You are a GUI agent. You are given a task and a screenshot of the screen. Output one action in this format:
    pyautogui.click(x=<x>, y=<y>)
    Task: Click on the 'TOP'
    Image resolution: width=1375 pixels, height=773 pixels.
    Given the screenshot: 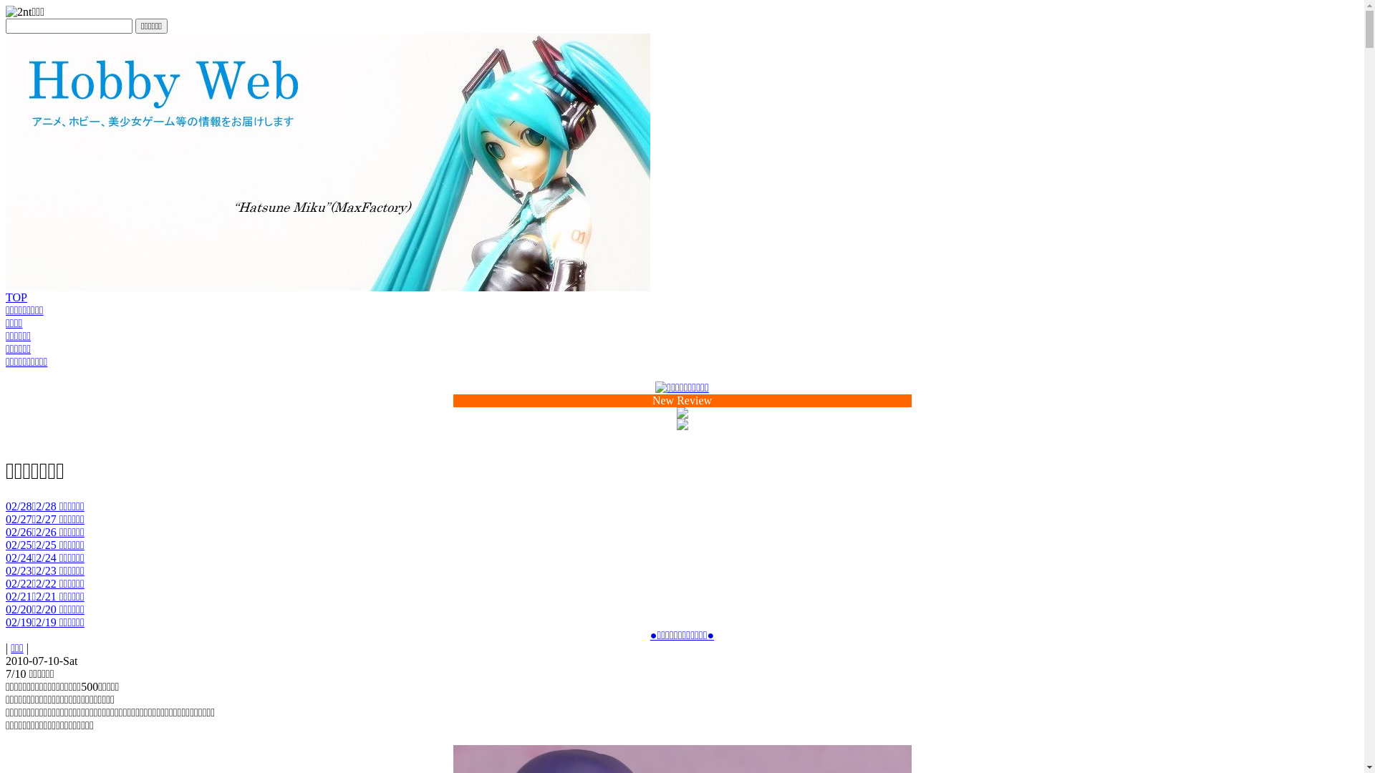 What is the action you would take?
    pyautogui.click(x=16, y=296)
    